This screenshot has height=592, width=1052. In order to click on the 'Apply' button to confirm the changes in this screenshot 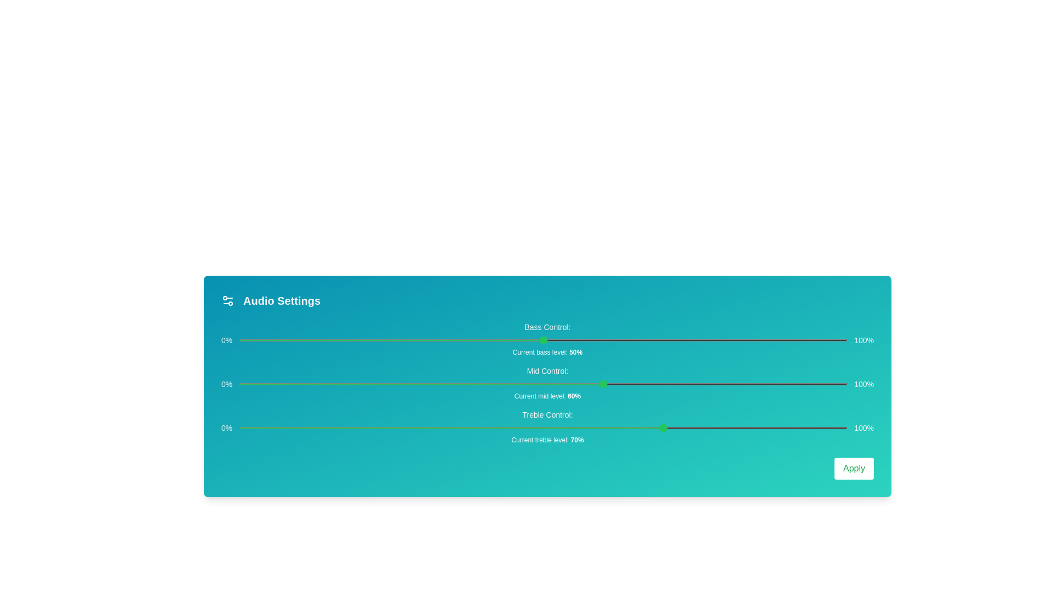, I will do `click(854, 469)`.